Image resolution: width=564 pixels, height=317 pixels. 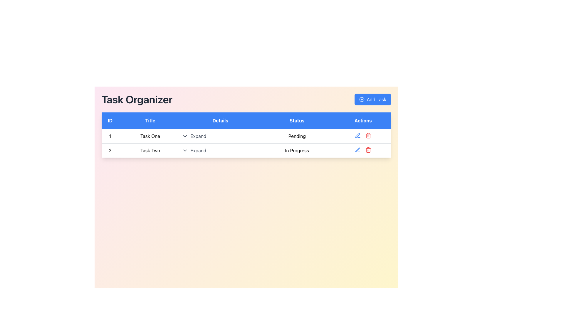 What do you see at coordinates (110, 136) in the screenshot?
I see `the numeral '1' displayed in bold, black font, located in the first column of the row labeled 'Task One' in the table layout` at bounding box center [110, 136].